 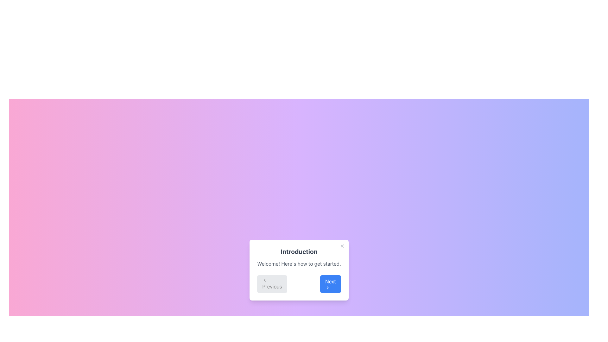 I want to click on the 'Next' button, which is a rectangular button with a blue background and white text, located at the bottom of the dialog, so click(x=330, y=284).